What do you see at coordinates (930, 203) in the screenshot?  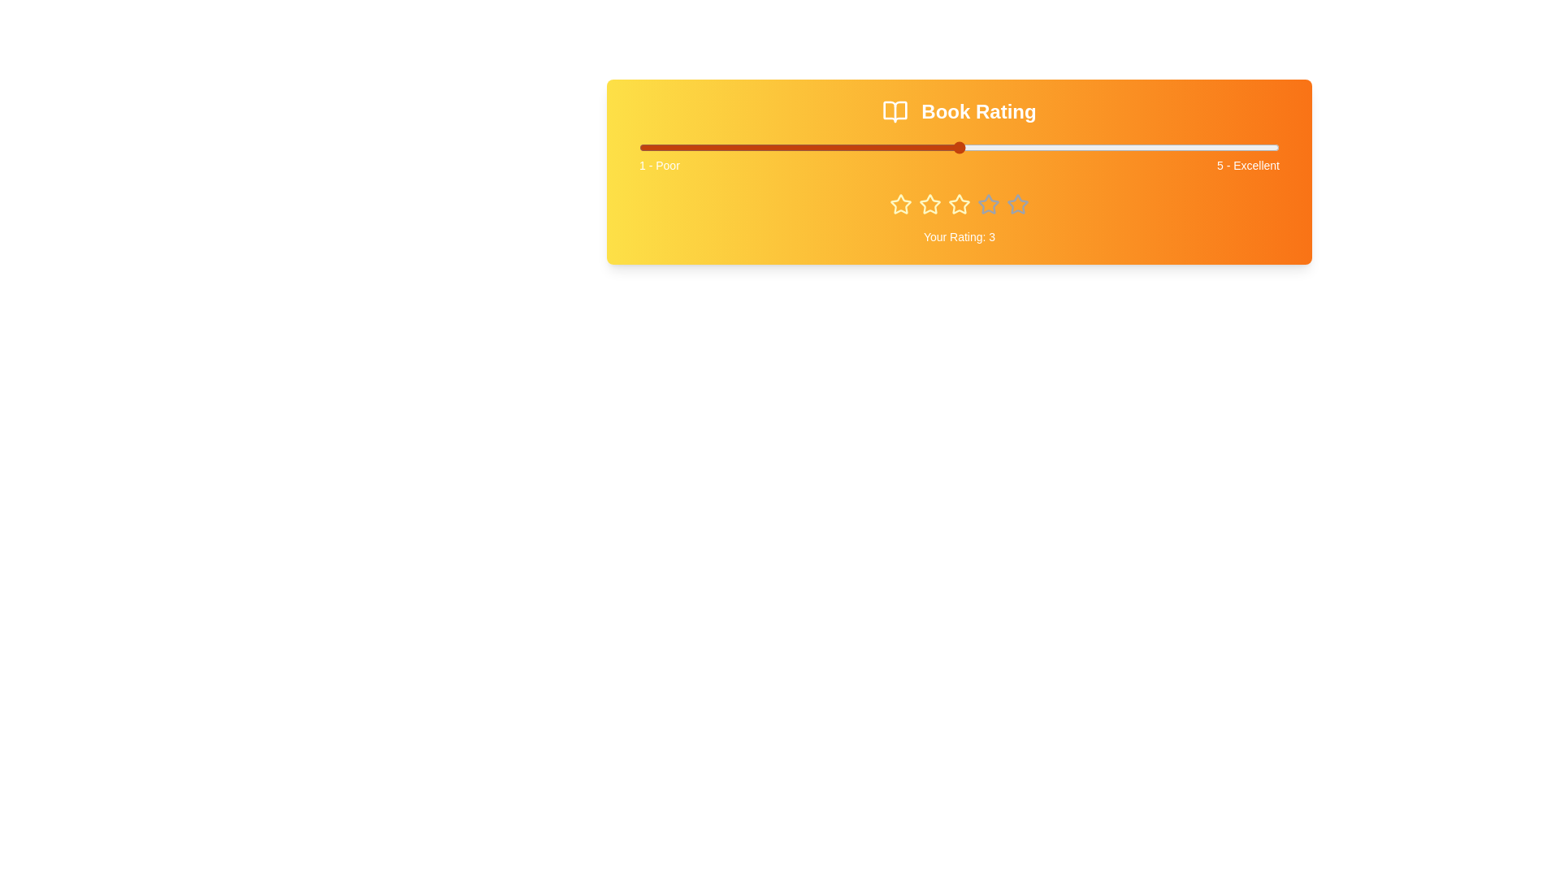 I see `the third star icon in the 5-star user rating system under the 'Book Rating' section by moving the cursor to its center point` at bounding box center [930, 203].